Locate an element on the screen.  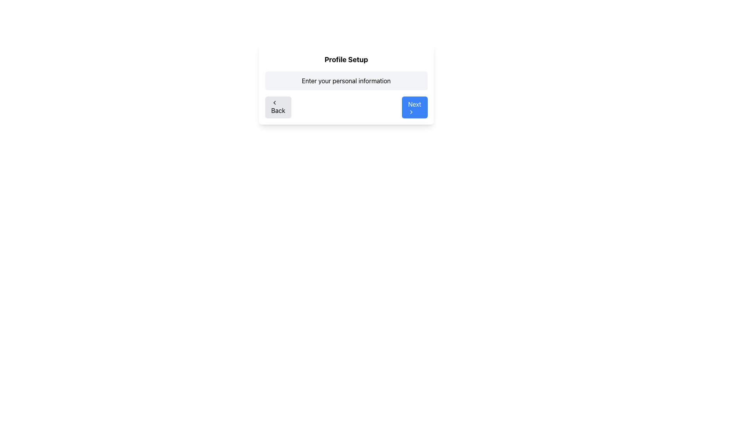
blank space between the 'Back' and 'Next' buttons in the Navigation control located at the bottom center of the 'Profile Setup' page is located at coordinates (346, 107).